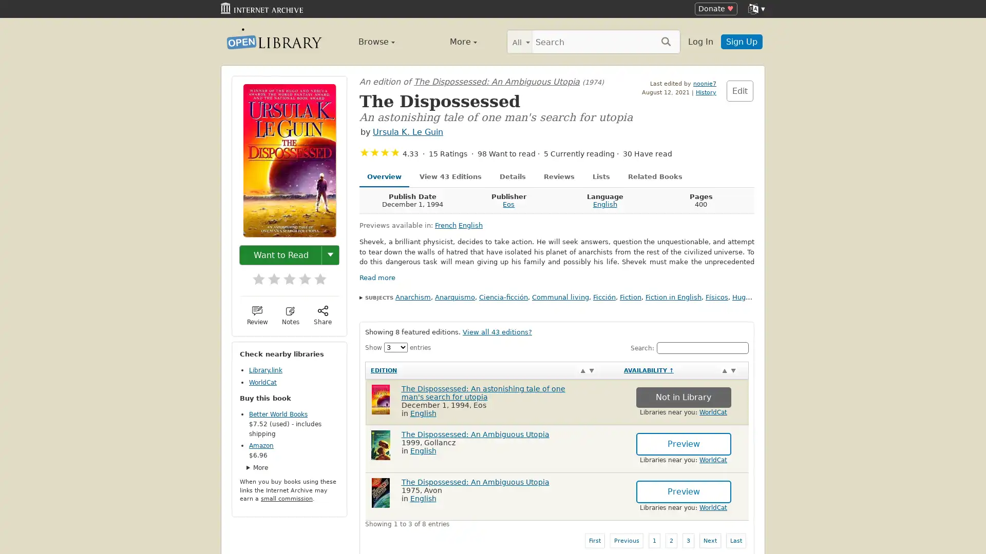 This screenshot has height=554, width=986. Describe the element at coordinates (299, 275) in the screenshot. I see `4` at that location.